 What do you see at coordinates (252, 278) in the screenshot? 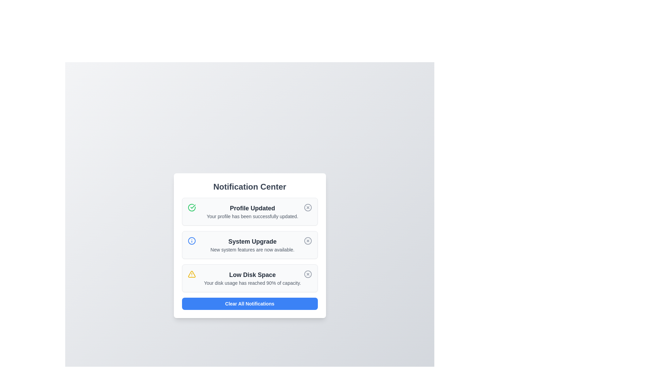
I see `disk usage warning notification, which is the third notification in the Notification Center modal` at bounding box center [252, 278].